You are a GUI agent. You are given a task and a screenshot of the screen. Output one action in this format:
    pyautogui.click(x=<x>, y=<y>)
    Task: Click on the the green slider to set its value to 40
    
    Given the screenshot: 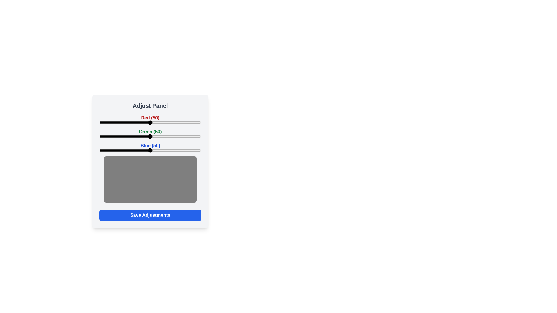 What is the action you would take?
    pyautogui.click(x=140, y=136)
    